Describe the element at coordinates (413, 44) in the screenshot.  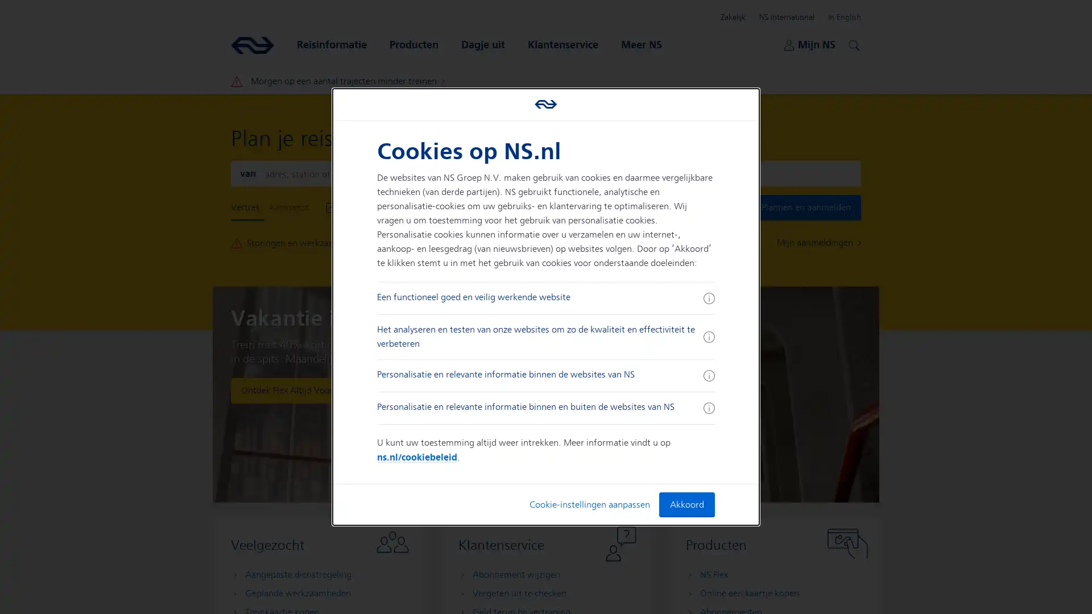
I see `Producten Open submenu` at that location.